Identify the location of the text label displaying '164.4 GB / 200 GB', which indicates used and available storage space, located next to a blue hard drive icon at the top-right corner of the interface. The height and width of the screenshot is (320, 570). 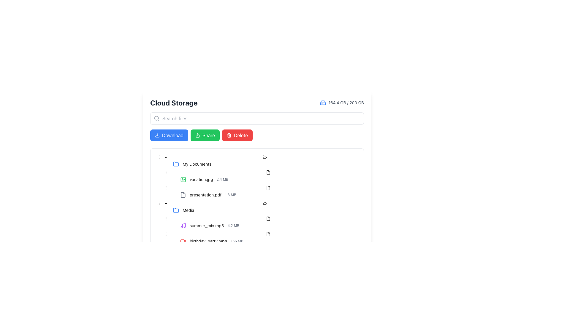
(346, 103).